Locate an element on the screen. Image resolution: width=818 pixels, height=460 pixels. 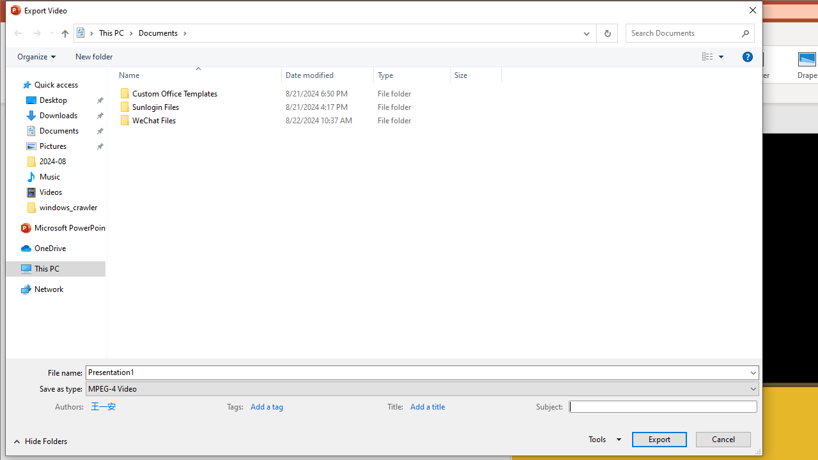
'Date modified' is located at coordinates (328, 75).